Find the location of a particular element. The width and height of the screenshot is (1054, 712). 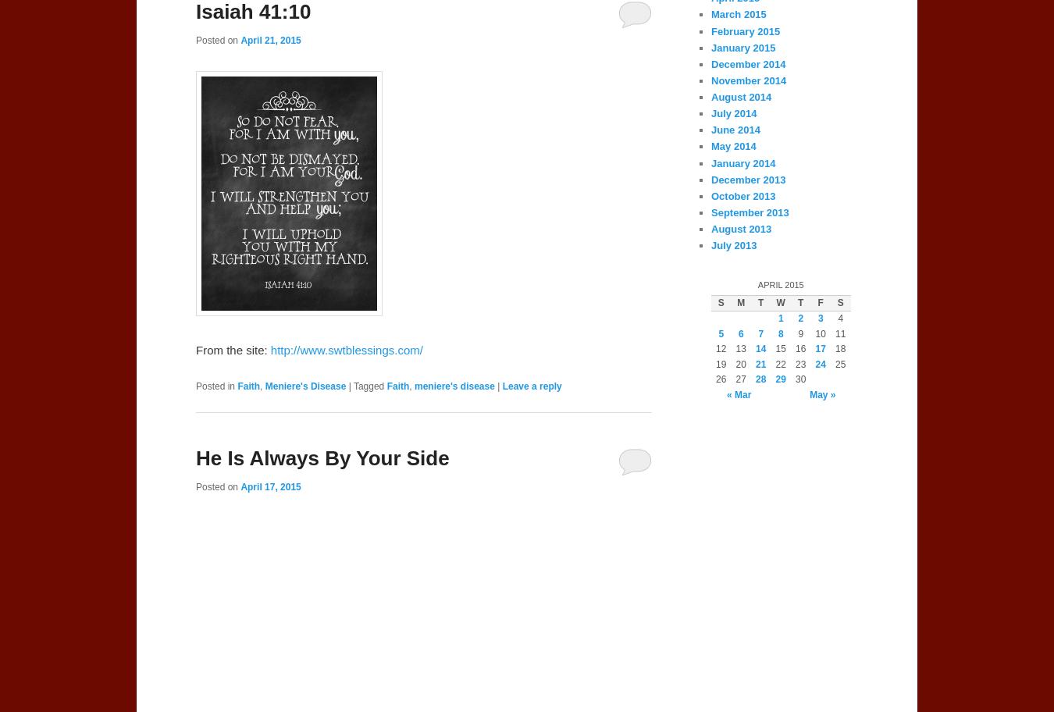

'20' is located at coordinates (739, 364).